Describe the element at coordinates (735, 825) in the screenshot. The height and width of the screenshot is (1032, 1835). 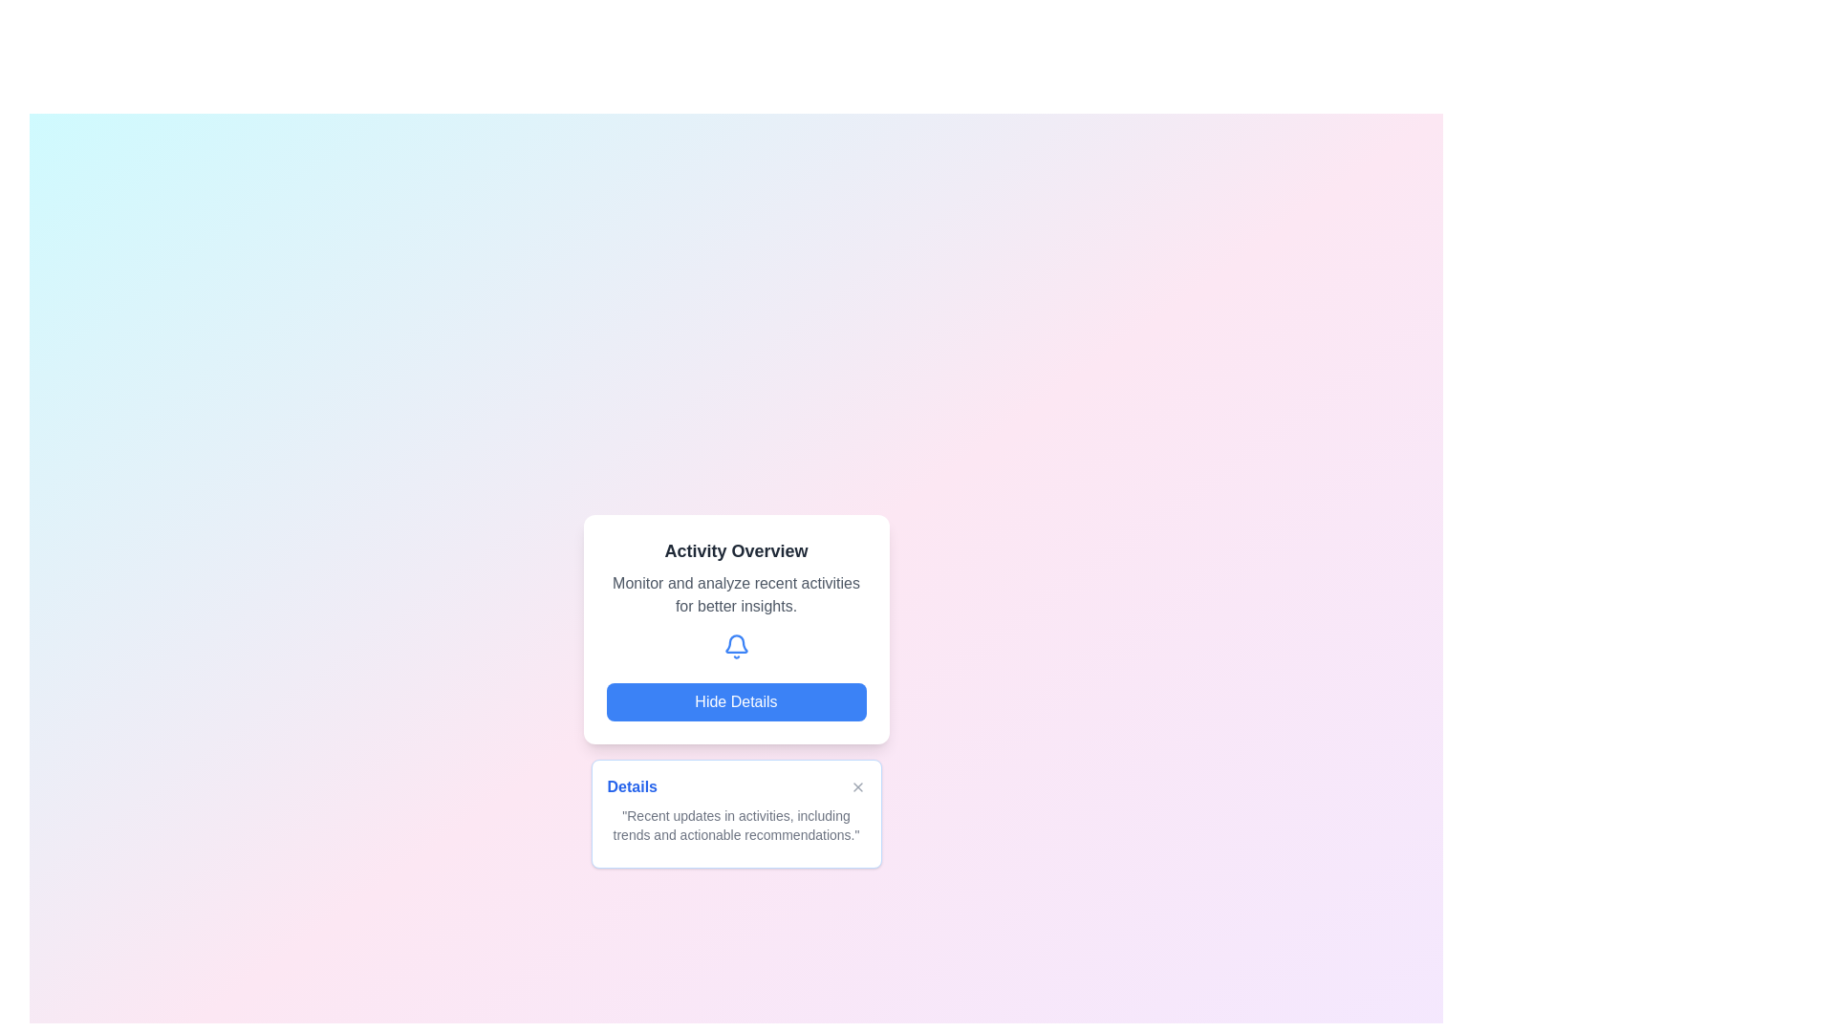
I see `static text component that displays 'Recent updates in activities, including trends and actionable recommendations.' located near the bottom of the card below the header 'Details'` at that location.